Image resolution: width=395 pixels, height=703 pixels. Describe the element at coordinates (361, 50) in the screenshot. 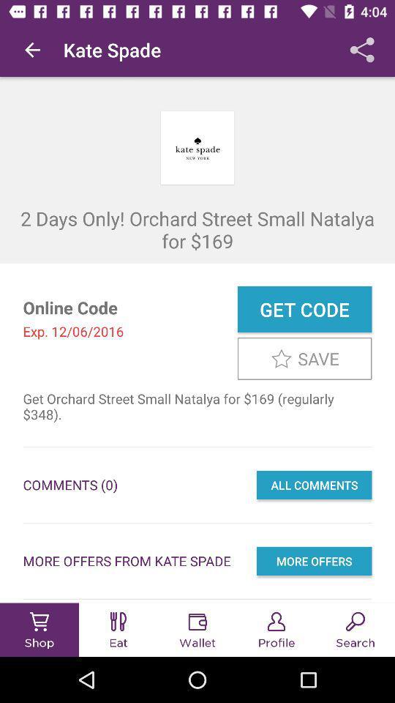

I see `the item above 2 days only icon` at that location.